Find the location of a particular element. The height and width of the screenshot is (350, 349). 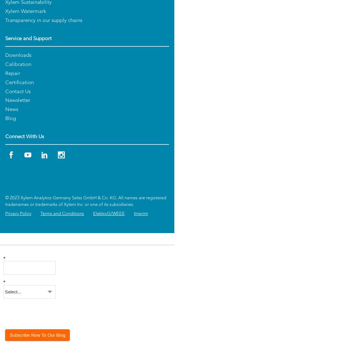

'By clicking on "Subscribe Now To Our Blog", you agree that Xylem may use your personal data. We respect your privacy, please have a look at our' is located at coordinates (65, 310).